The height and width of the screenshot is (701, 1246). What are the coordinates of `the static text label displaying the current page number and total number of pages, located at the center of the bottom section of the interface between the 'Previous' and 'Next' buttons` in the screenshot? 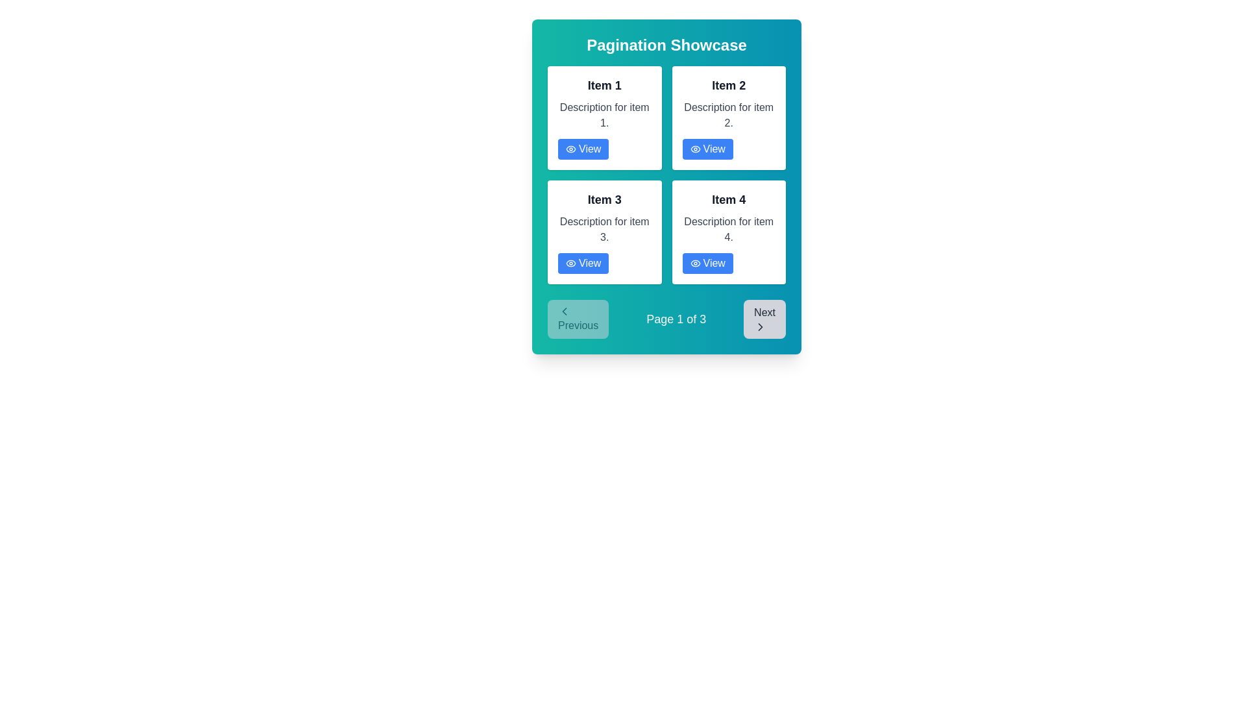 It's located at (676, 319).